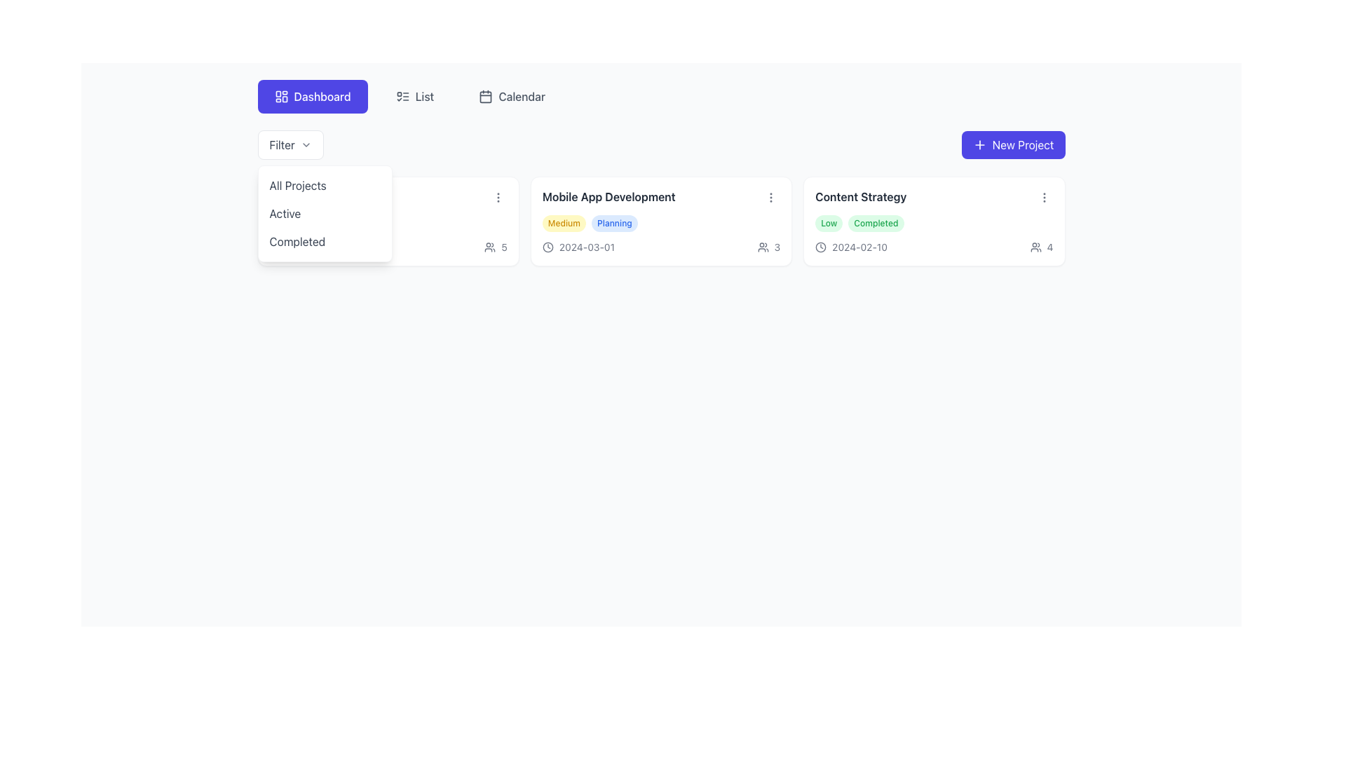 The width and height of the screenshot is (1346, 757). What do you see at coordinates (275, 247) in the screenshot?
I see `the minimalist clock icon located at the start of the 'Completed' text in the dropdown menu associated with the 'Filter' button beneath the 'Dashboard' navigation bar` at bounding box center [275, 247].